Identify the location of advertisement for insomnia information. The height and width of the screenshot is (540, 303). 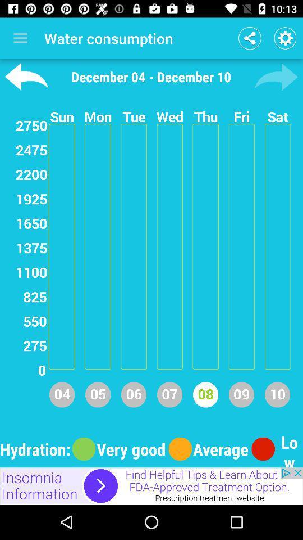
(151, 485).